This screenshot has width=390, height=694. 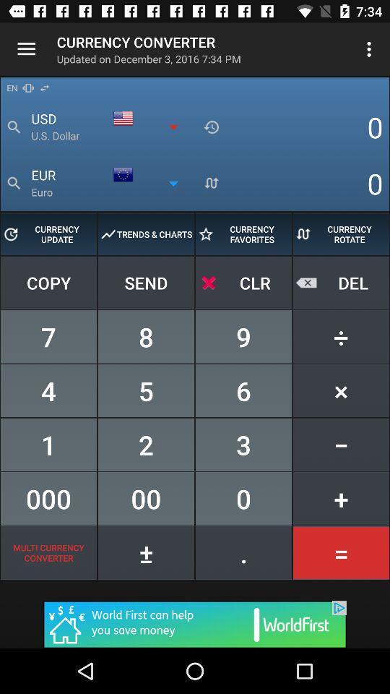 I want to click on number 1 in the keypad, so click(x=48, y=444).